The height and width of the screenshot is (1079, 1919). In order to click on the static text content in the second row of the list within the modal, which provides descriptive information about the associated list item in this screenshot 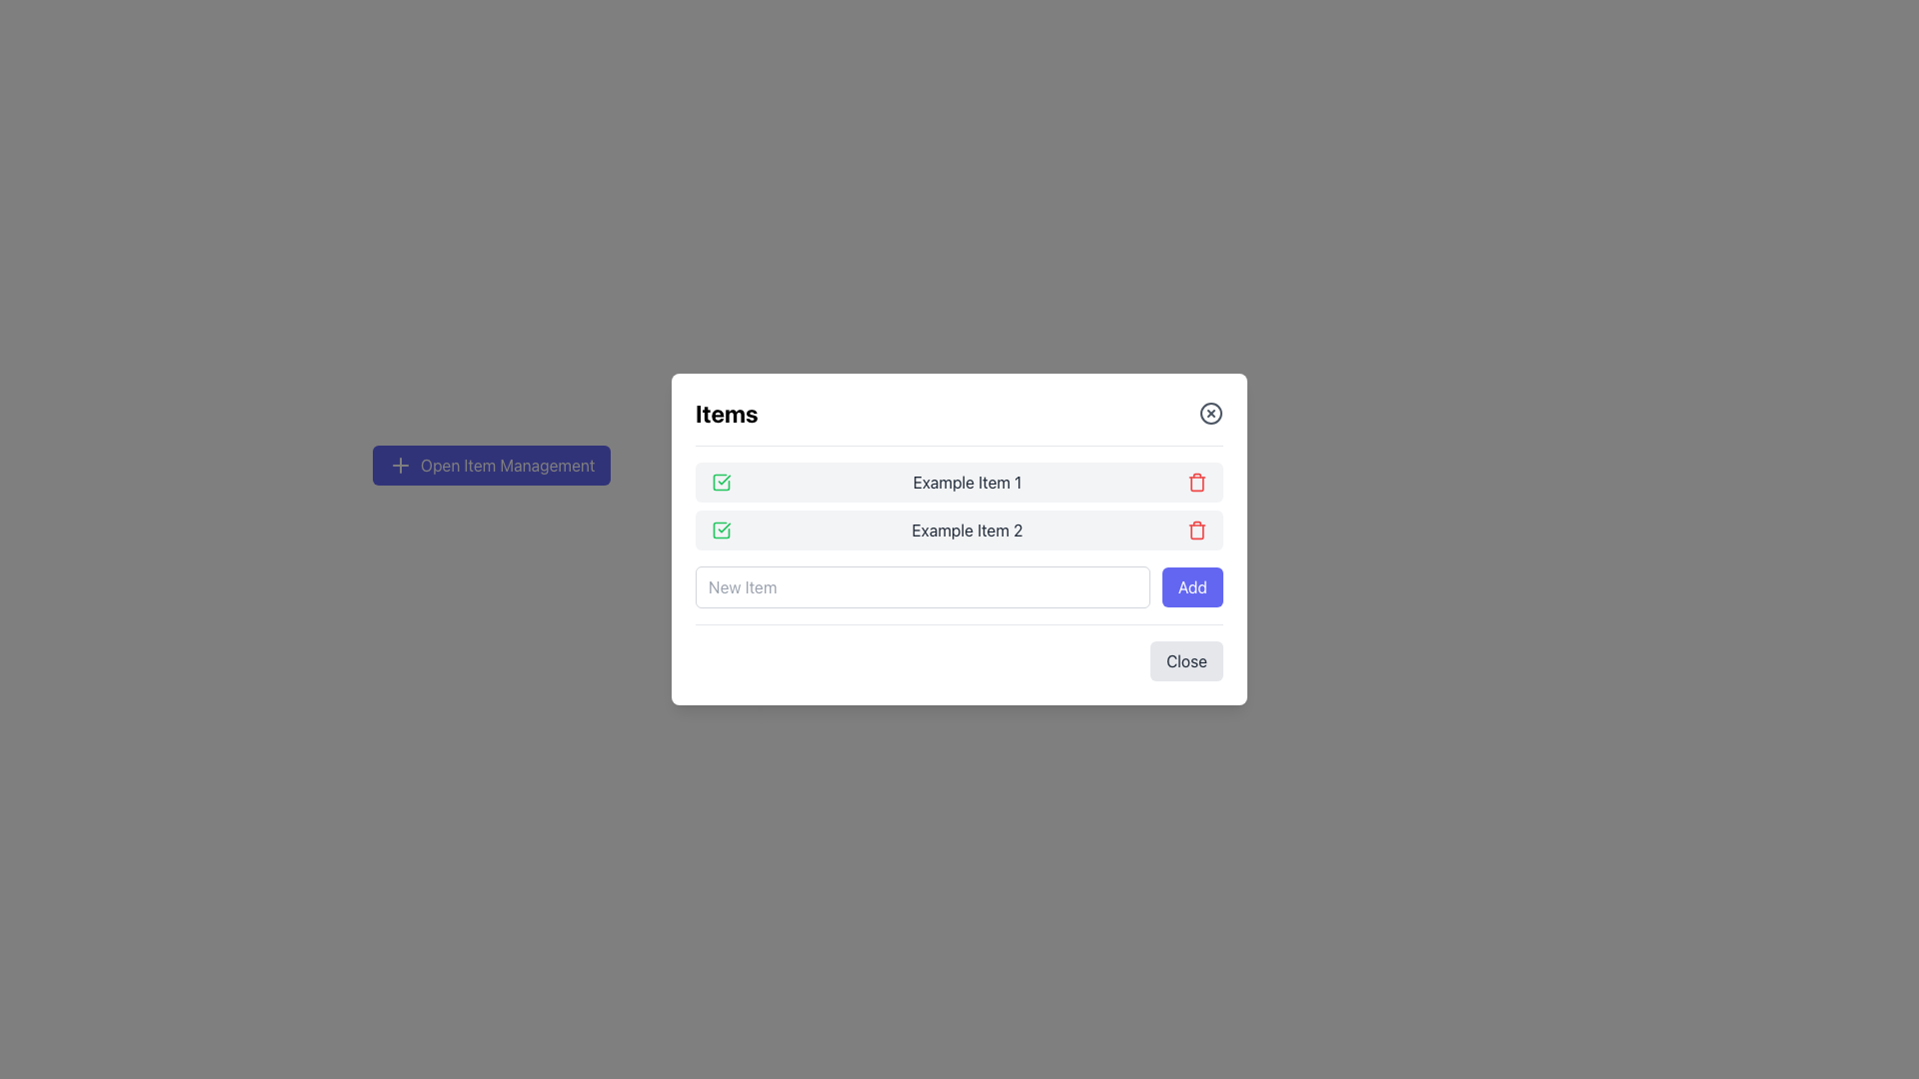, I will do `click(959, 530)`.